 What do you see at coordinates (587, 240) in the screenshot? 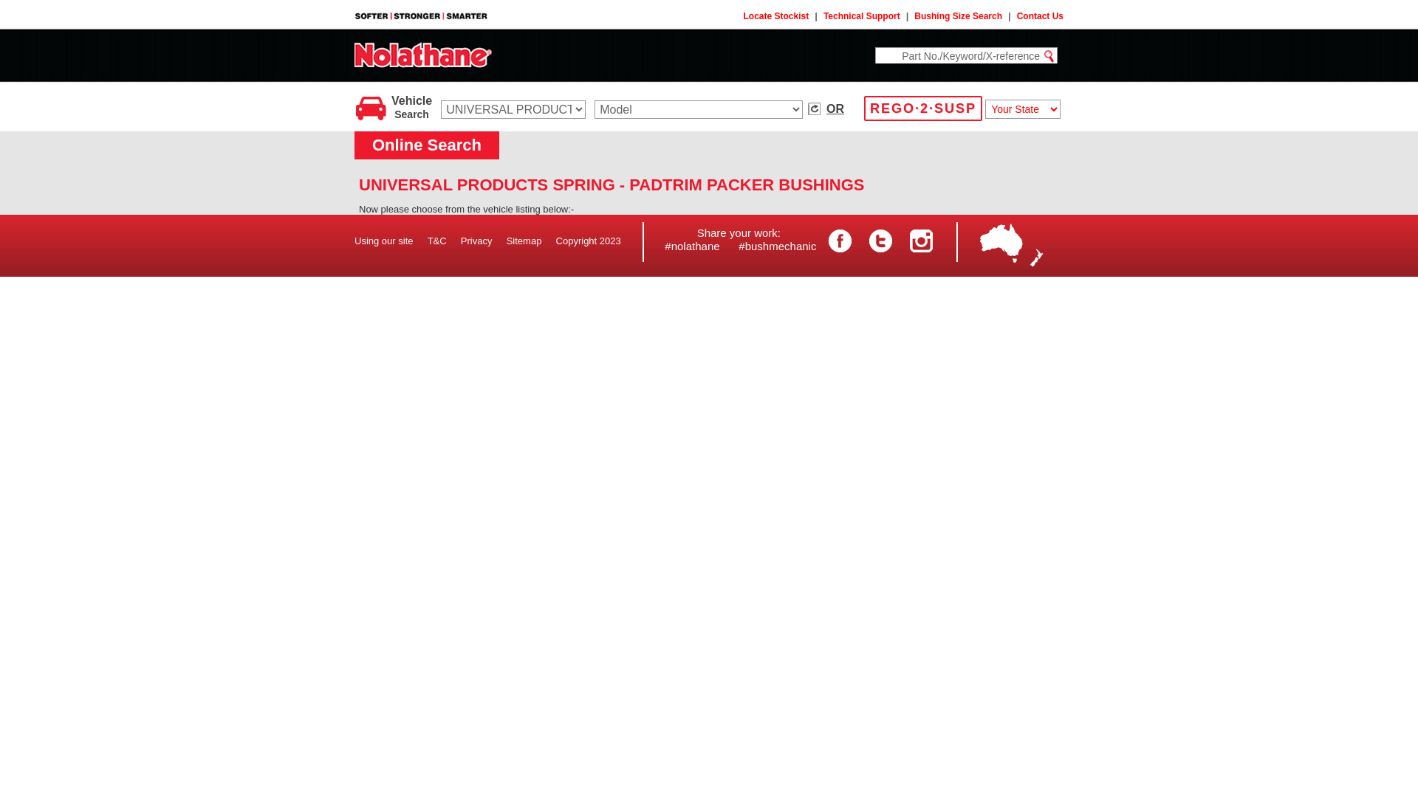
I see `'Copyright 2023'` at bounding box center [587, 240].